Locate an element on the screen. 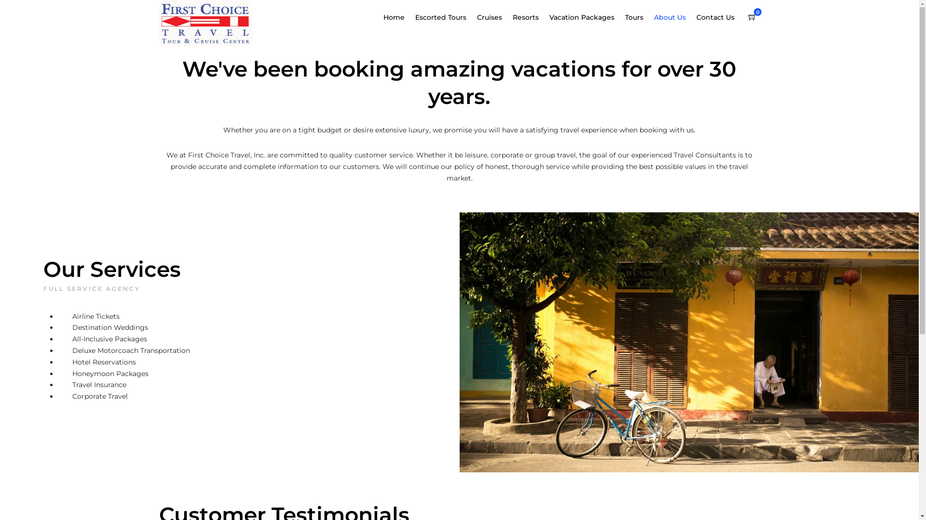  'Home' is located at coordinates (398, 18).